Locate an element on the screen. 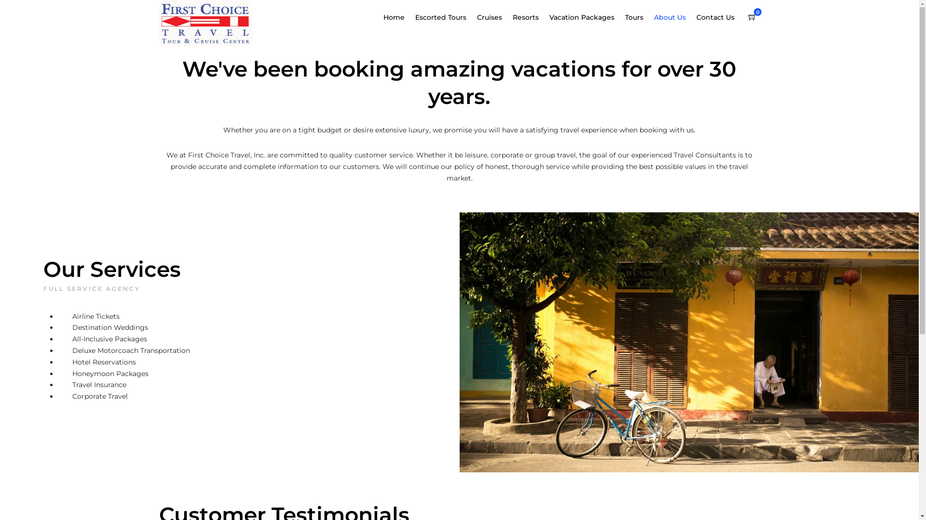  'Home' is located at coordinates (398, 18).